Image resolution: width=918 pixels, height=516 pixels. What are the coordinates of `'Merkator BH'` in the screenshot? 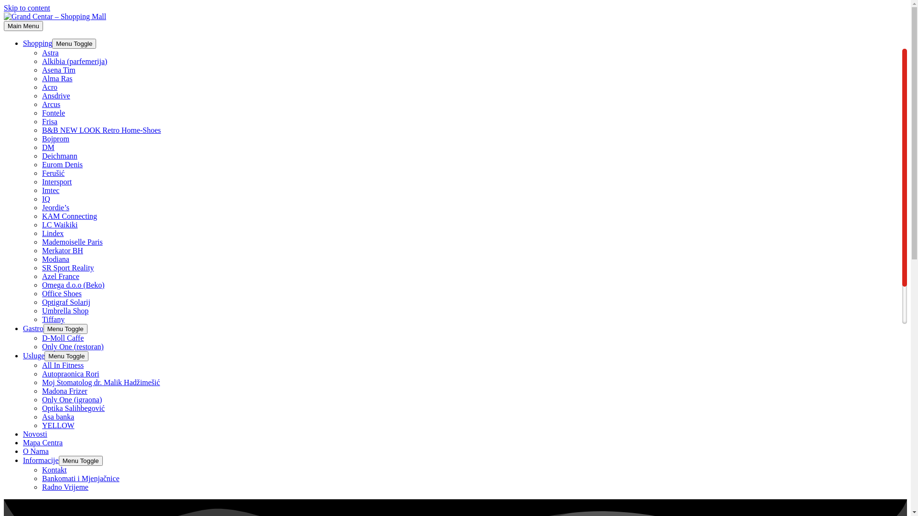 It's located at (41, 250).